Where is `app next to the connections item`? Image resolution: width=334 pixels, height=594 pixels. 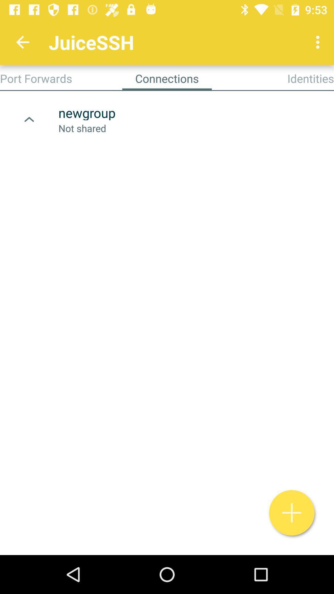
app next to the connections item is located at coordinates (36, 78).